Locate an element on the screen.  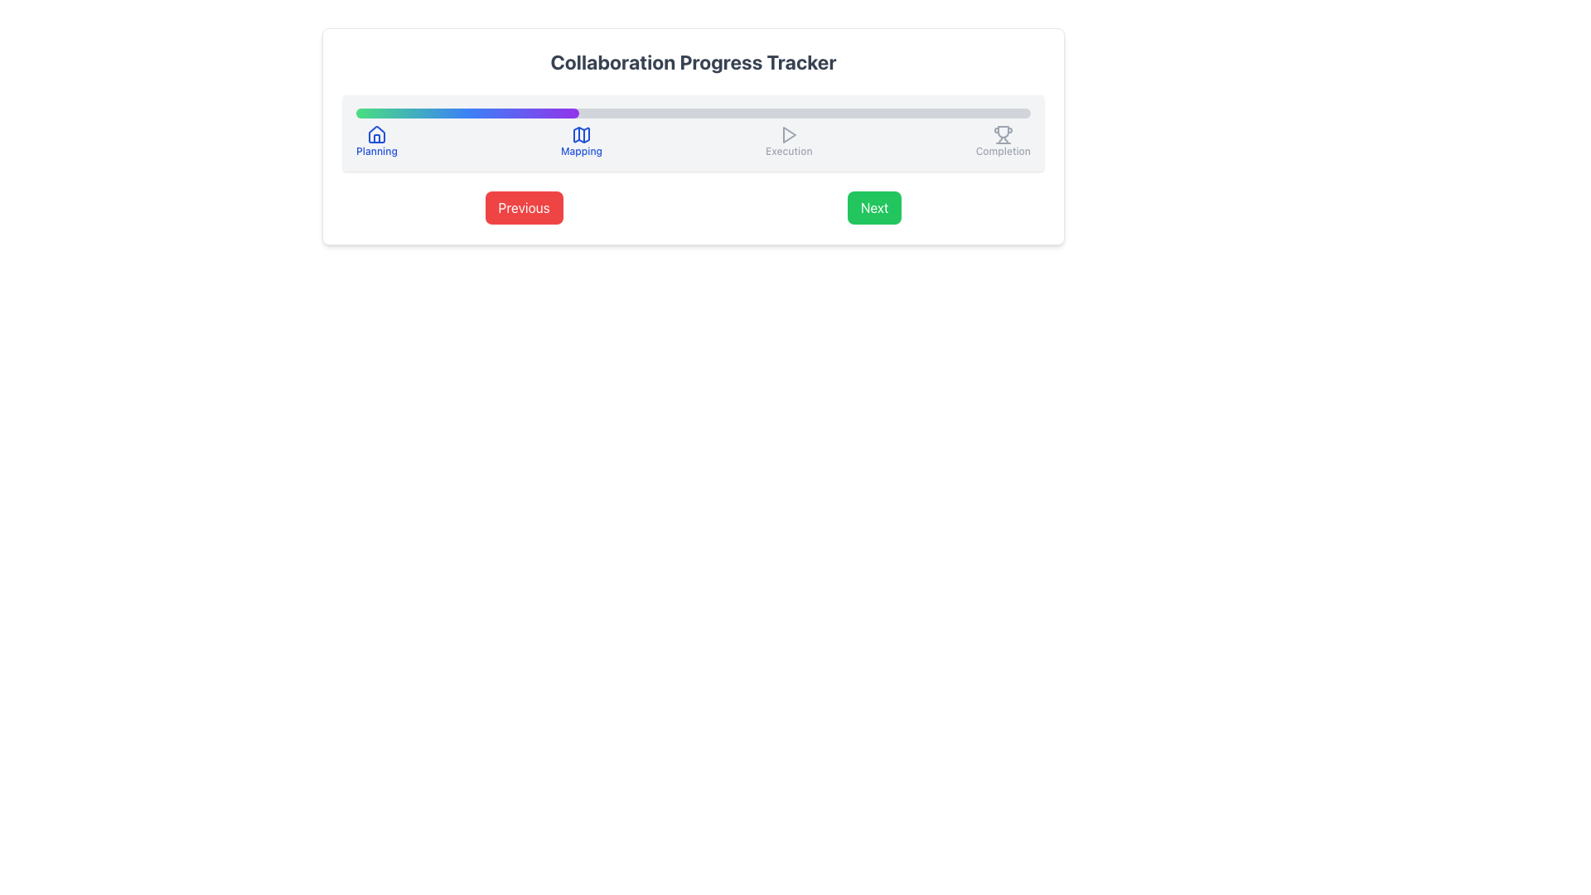
the current progress visually on the Progress Tracker Bar located within the 'Collaboration Progress Tracker' box is located at coordinates (693, 133).